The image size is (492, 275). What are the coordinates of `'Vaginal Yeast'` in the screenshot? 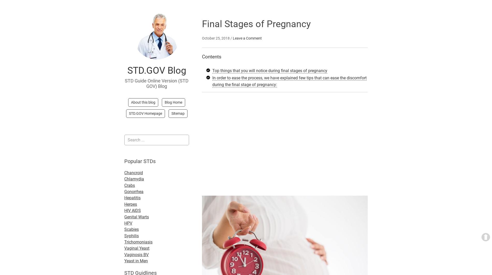 It's located at (137, 248).